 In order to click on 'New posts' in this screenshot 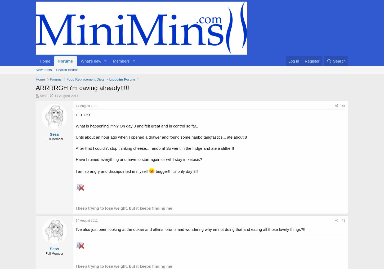, I will do `click(43, 69)`.